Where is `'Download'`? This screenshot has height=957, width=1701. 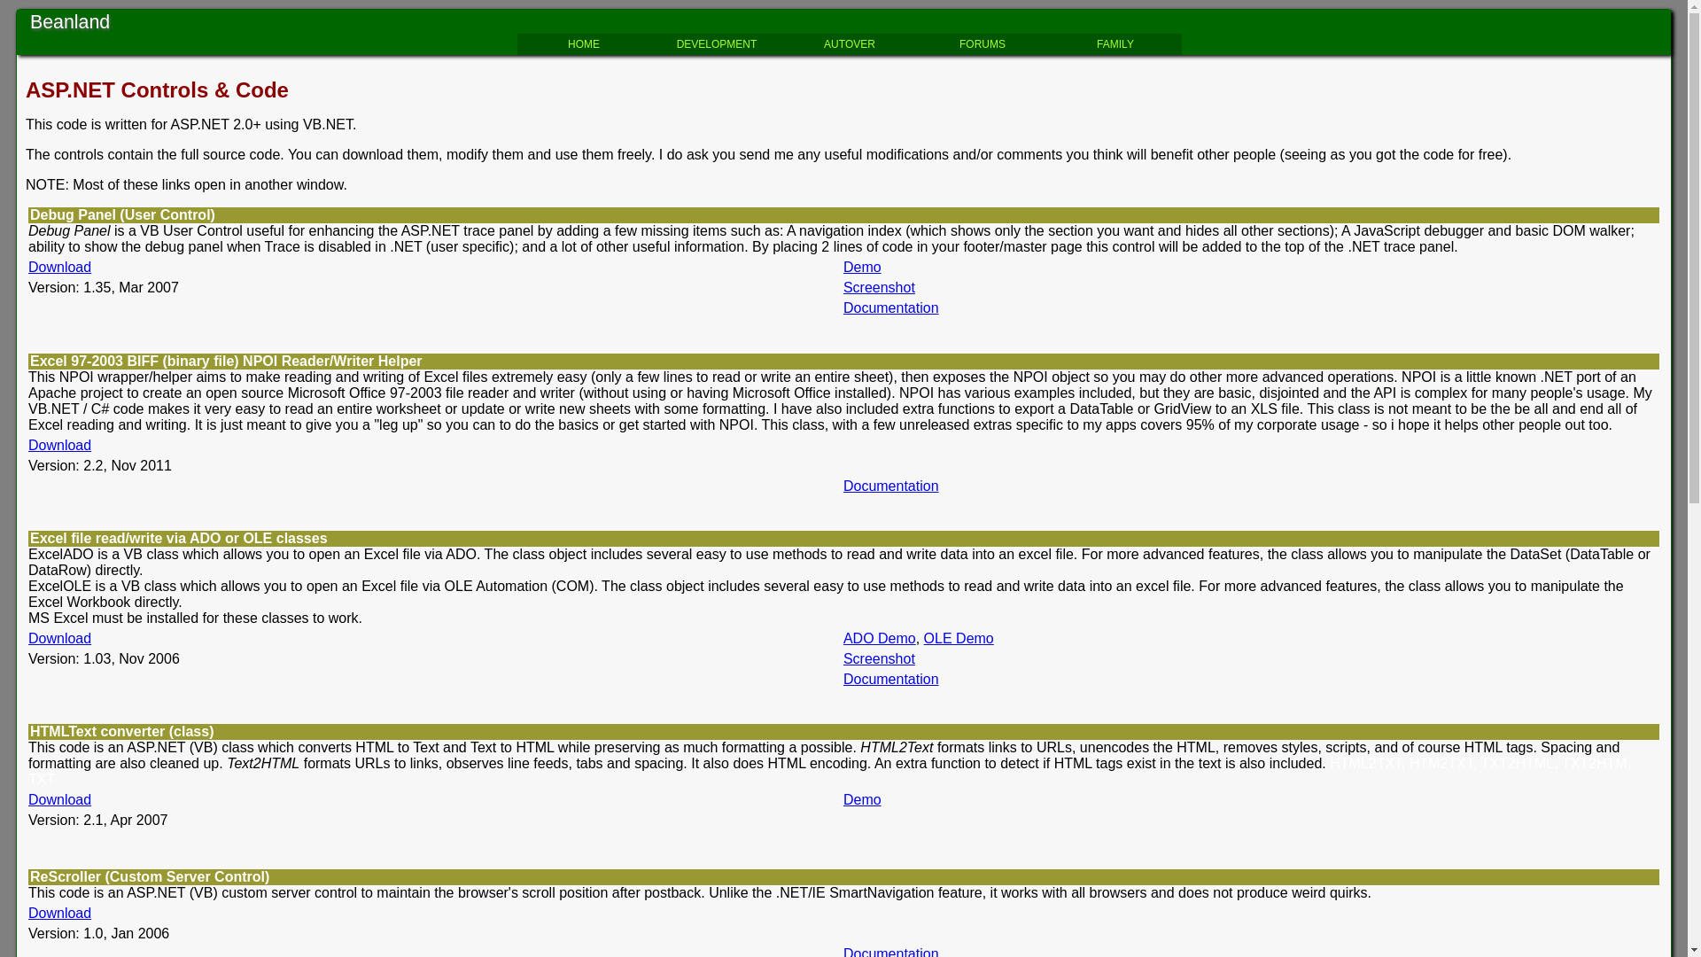 'Download' is located at coordinates (59, 444).